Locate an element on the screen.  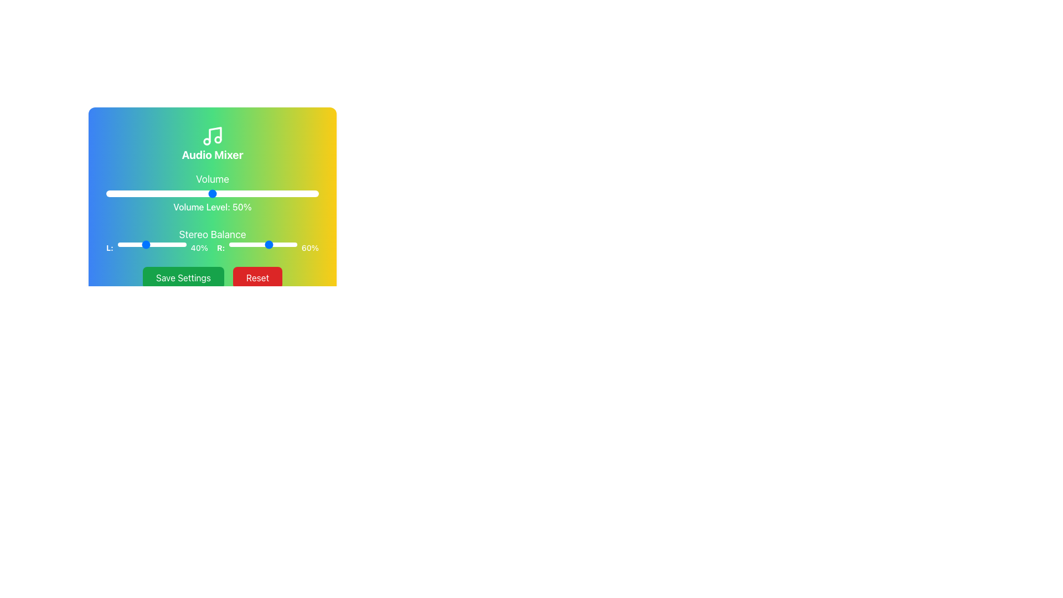
the R value is located at coordinates (270, 244).